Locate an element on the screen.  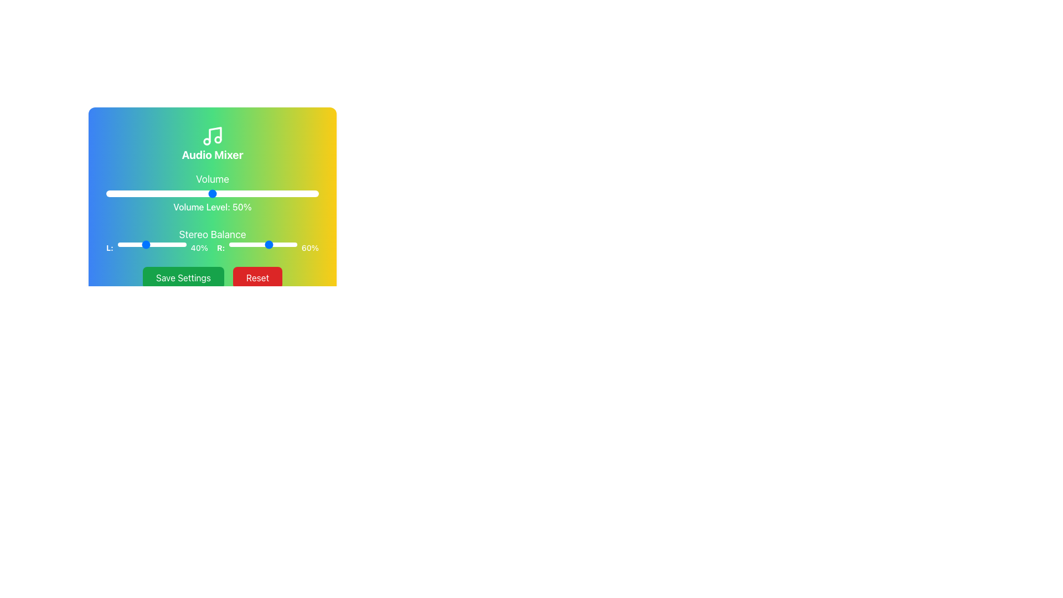
the R value is located at coordinates (270, 244).